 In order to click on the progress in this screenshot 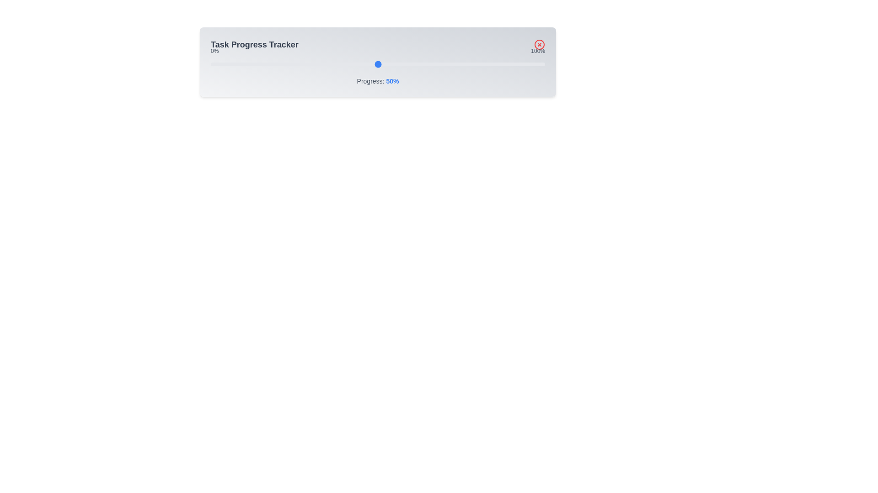, I will do `click(210, 64)`.